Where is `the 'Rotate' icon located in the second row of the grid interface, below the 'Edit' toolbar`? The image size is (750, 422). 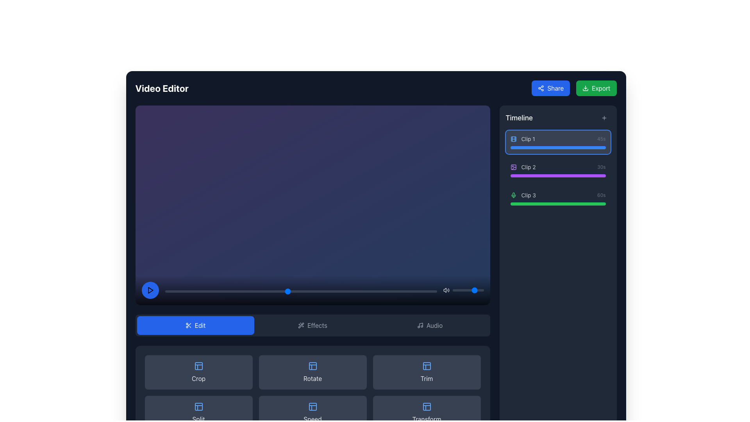
the 'Rotate' icon located in the second row of the grid interface, below the 'Edit' toolbar is located at coordinates (312, 366).